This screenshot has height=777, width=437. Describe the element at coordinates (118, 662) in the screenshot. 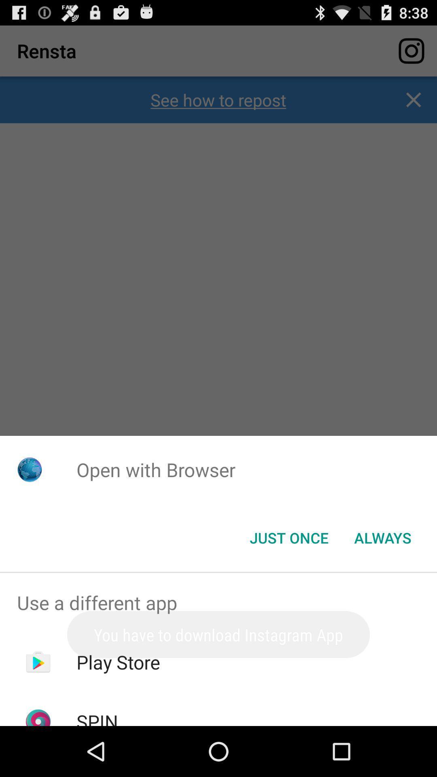

I see `icon above the spin item` at that location.